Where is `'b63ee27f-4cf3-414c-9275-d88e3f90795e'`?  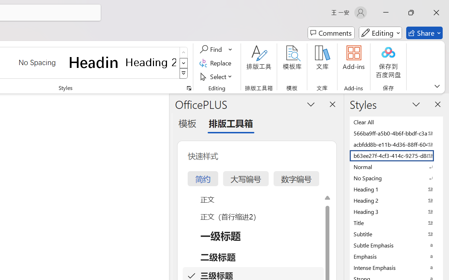 'b63ee27f-4cf3-414c-9275-d88e3f90795e' is located at coordinates (396, 155).